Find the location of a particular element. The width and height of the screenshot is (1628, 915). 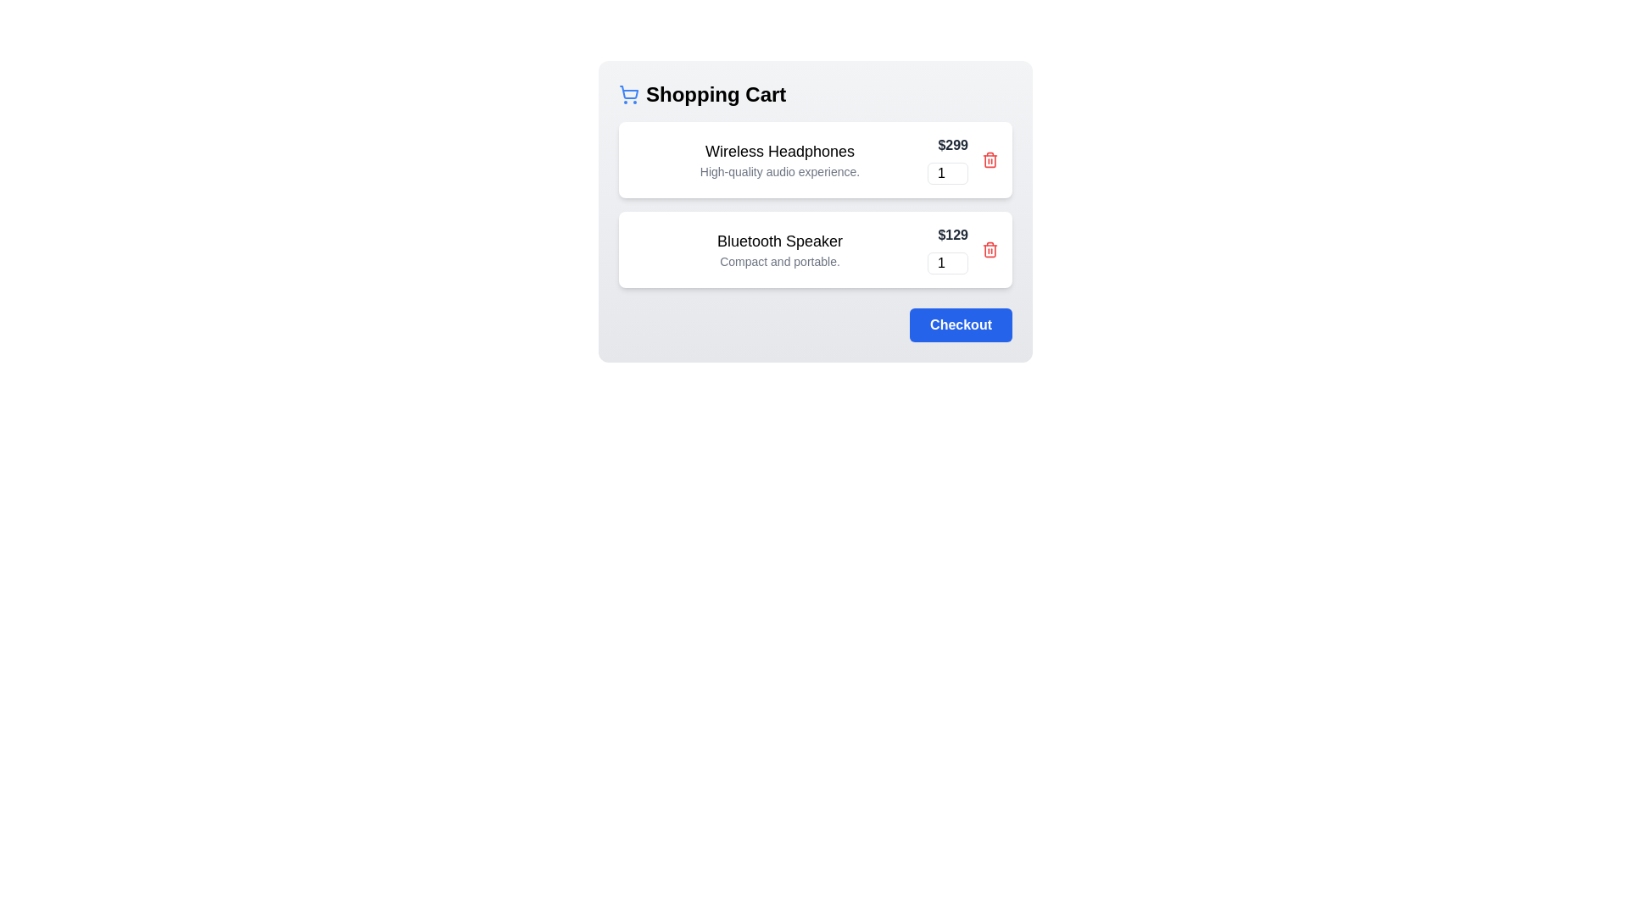

the trash icon to remove Bluetooth Speaker from the cart is located at coordinates (990, 249).